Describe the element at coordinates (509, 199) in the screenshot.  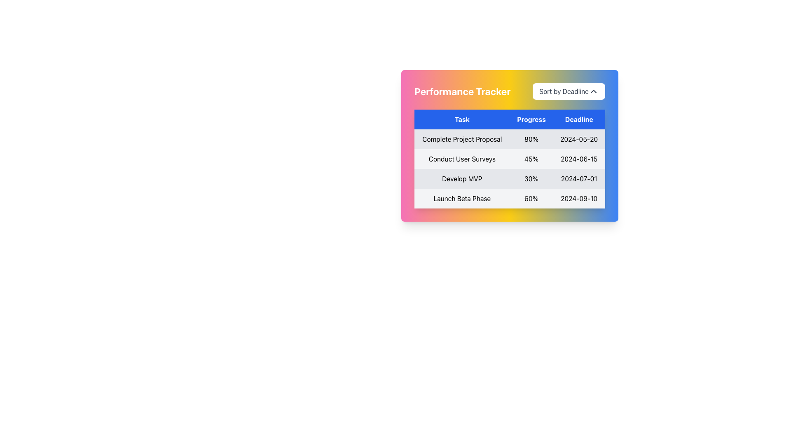
I see `the last row of the progress tracker table, which contains a single task entry with details including the task name, completion percentage, and deadline, positioned below the 'Develop MVP' row` at that location.